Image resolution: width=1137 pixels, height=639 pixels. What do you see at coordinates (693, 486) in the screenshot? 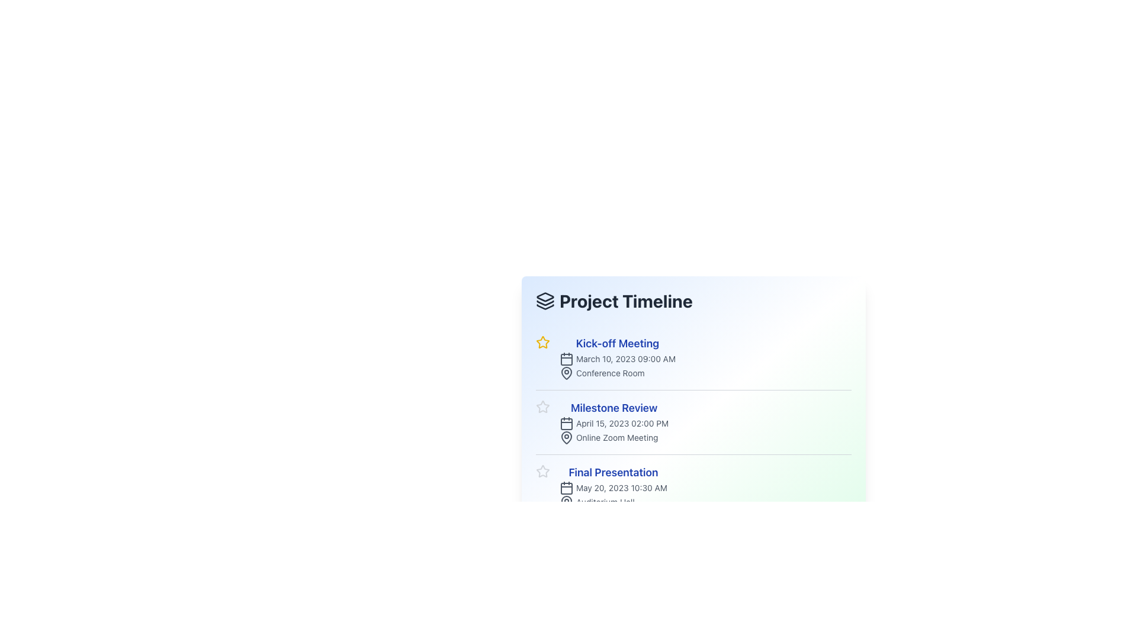
I see `the third event in the Project Timeline list, which displays the scheduled event's name, date, time, and location` at bounding box center [693, 486].